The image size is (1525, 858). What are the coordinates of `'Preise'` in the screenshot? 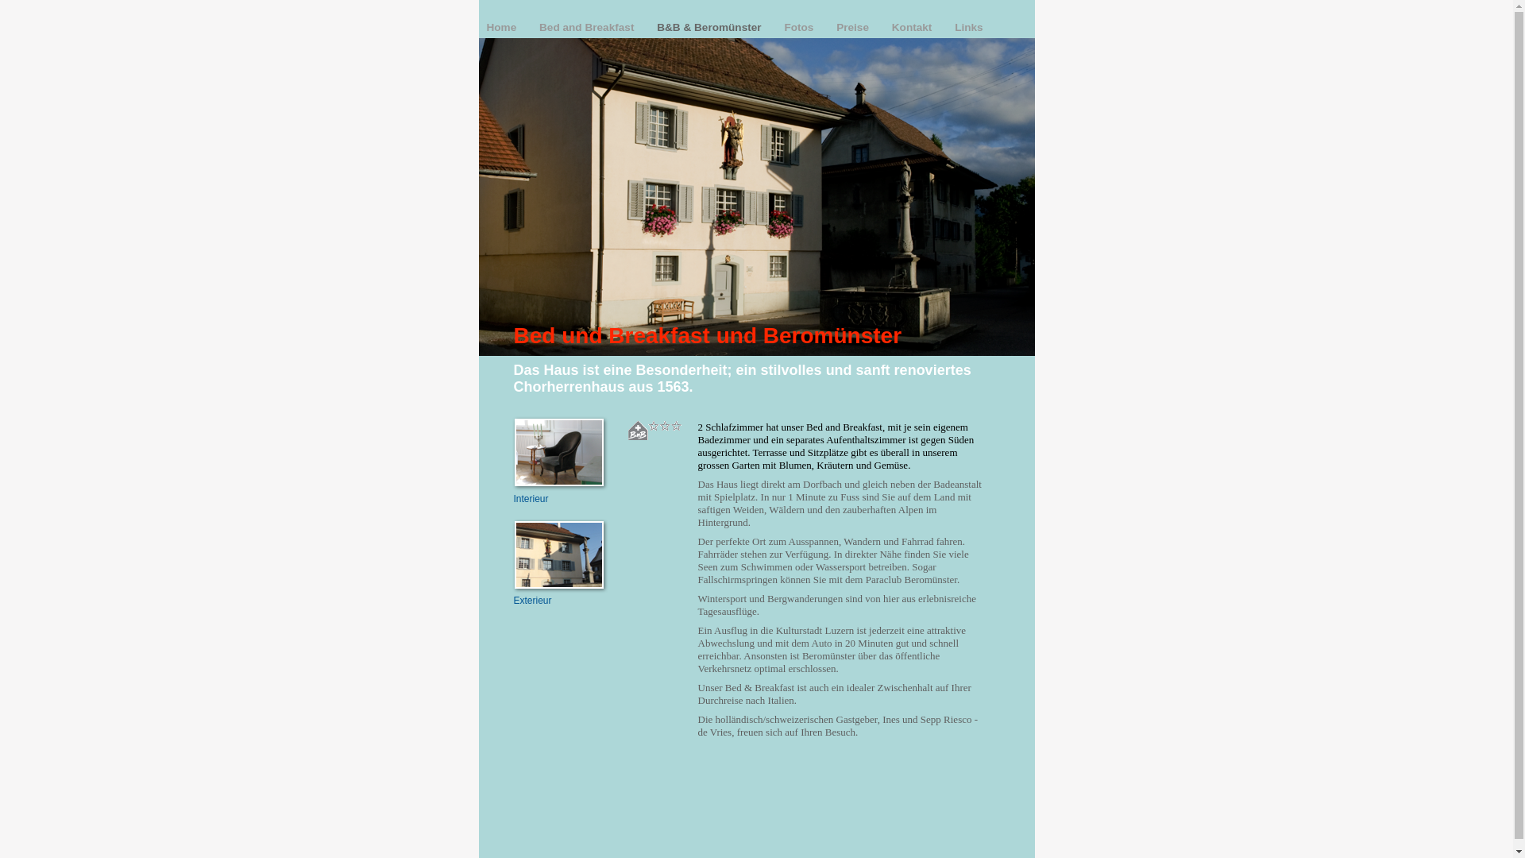 It's located at (853, 27).